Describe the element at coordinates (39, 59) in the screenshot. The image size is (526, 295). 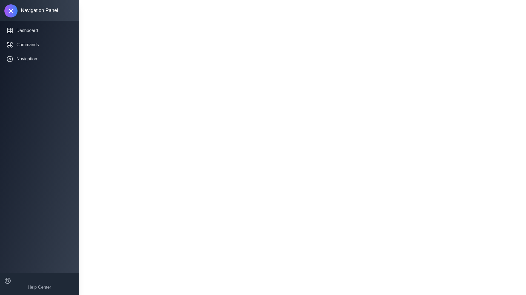
I see `the navigation item Navigation from the navigation panel` at that location.